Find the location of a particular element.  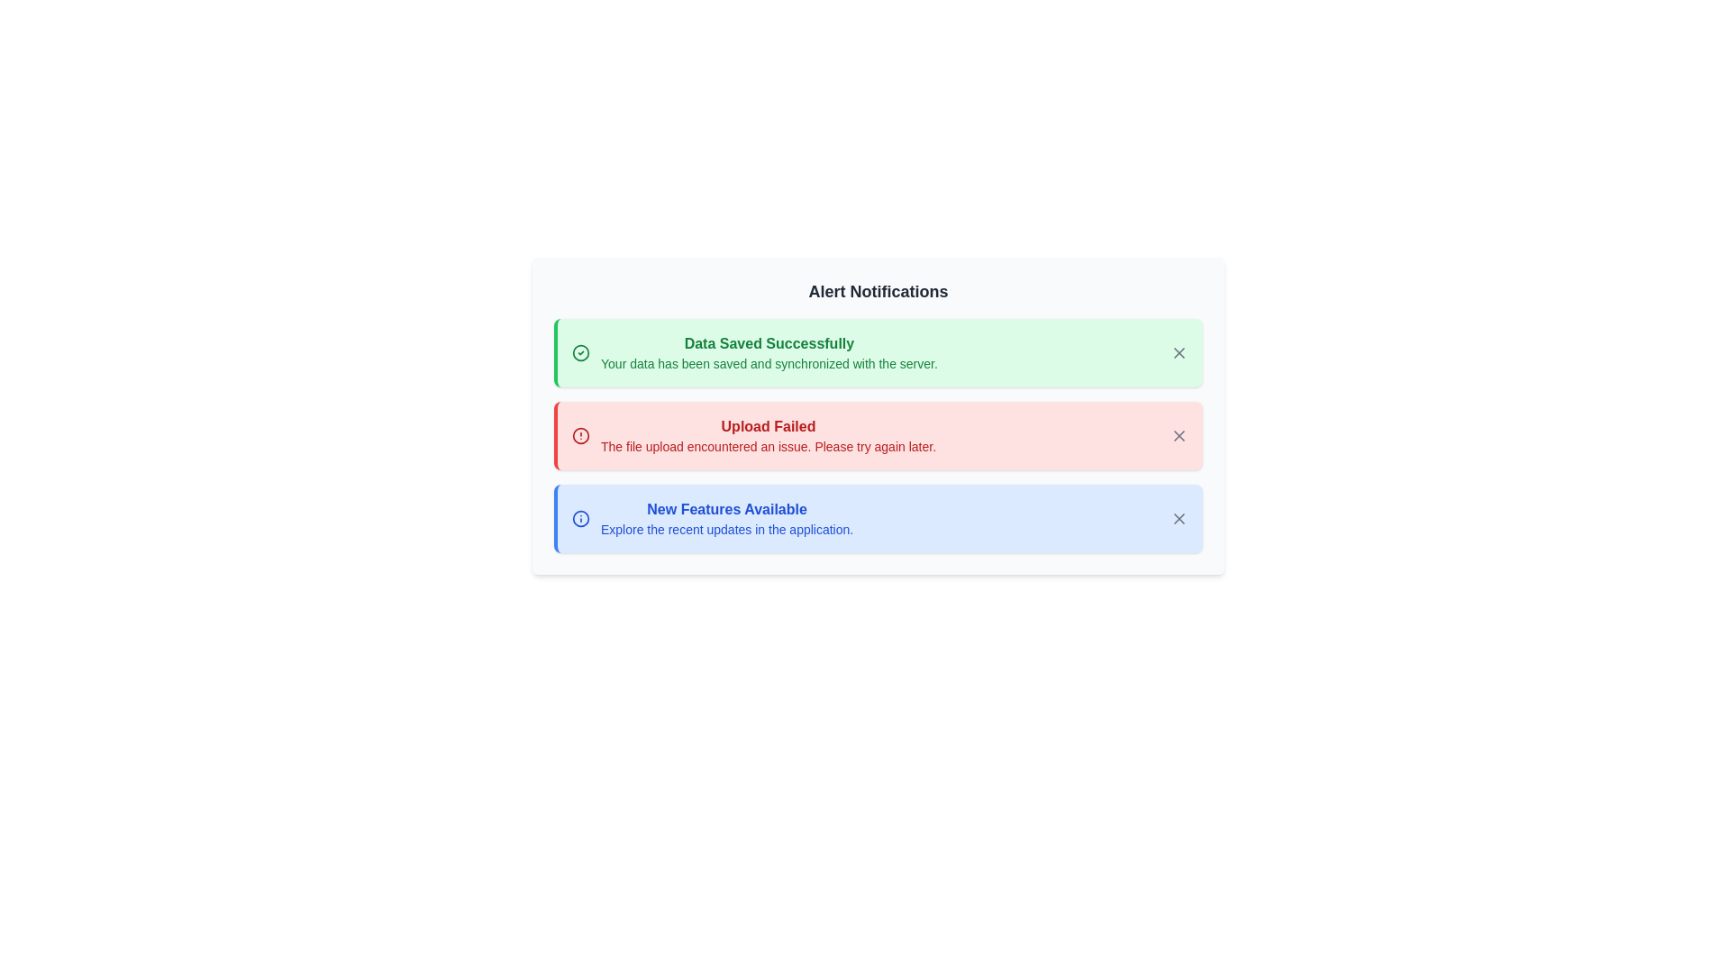

close button for the alert titled 'Upload Failed' is located at coordinates (1179, 435).